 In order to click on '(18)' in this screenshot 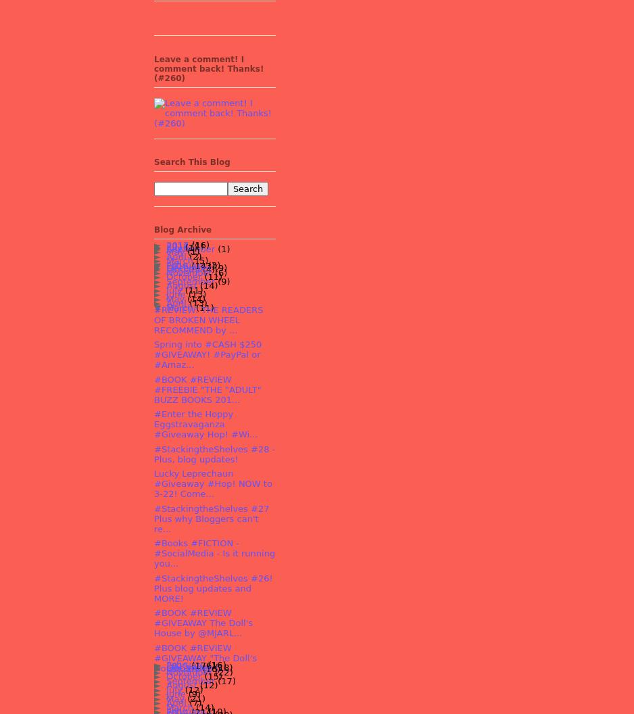, I will do `click(222, 667)`.